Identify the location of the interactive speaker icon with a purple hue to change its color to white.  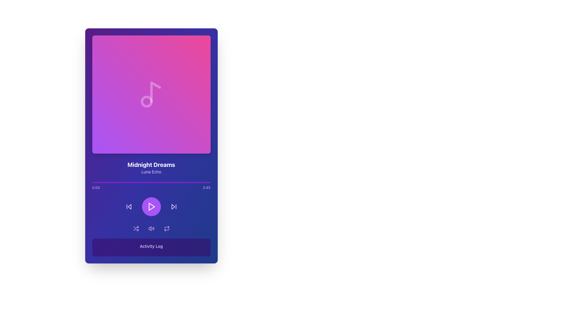
(151, 228).